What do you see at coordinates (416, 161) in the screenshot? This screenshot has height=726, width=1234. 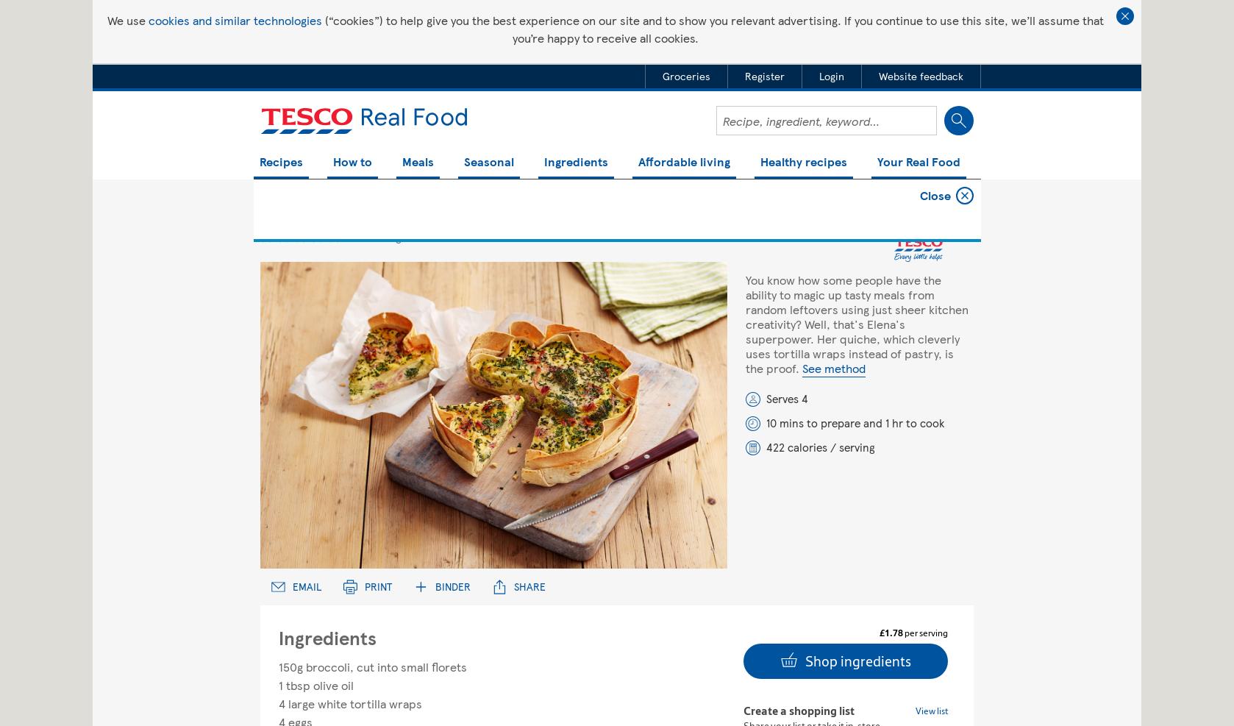 I see `'Meals'` at bounding box center [416, 161].